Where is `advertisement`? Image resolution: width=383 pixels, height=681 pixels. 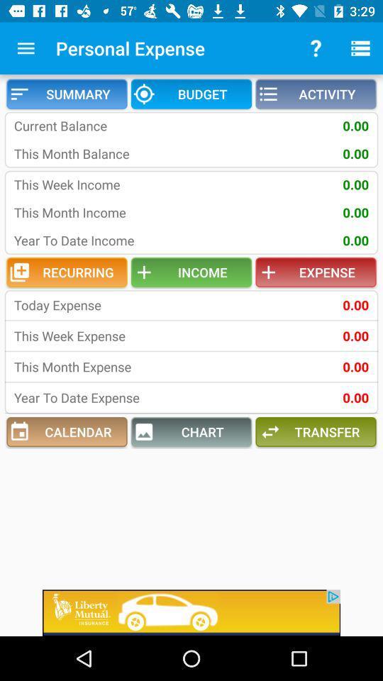 advertisement is located at coordinates (191, 612).